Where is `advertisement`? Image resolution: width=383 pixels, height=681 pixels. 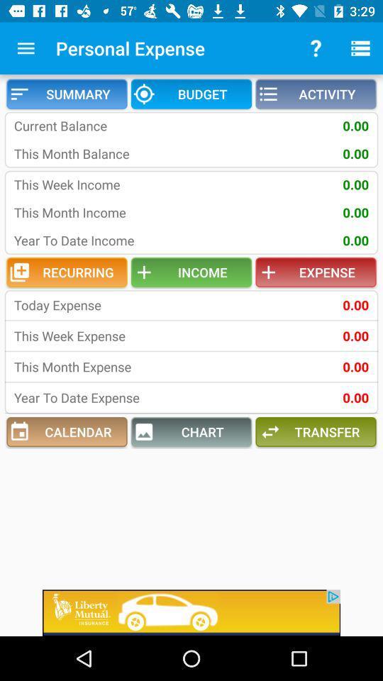 advertisement is located at coordinates (191, 612).